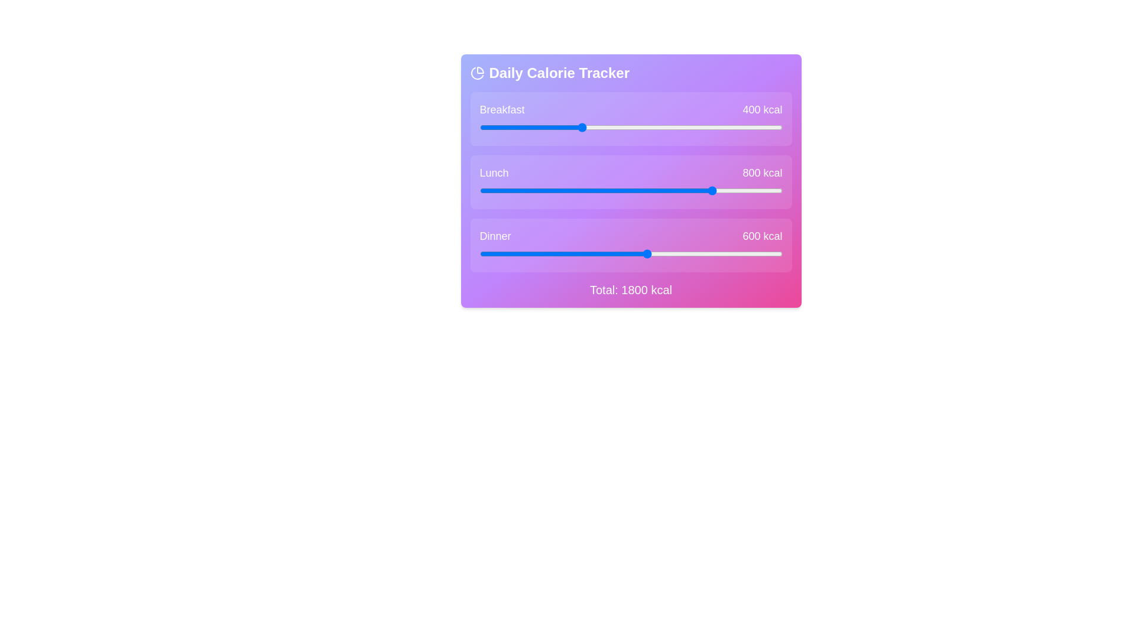 The image size is (1135, 638). What do you see at coordinates (630, 253) in the screenshot?
I see `the handle of the range slider located in the 'Dinner' section, below the label 'Dinner' and above '600 kcal'` at bounding box center [630, 253].